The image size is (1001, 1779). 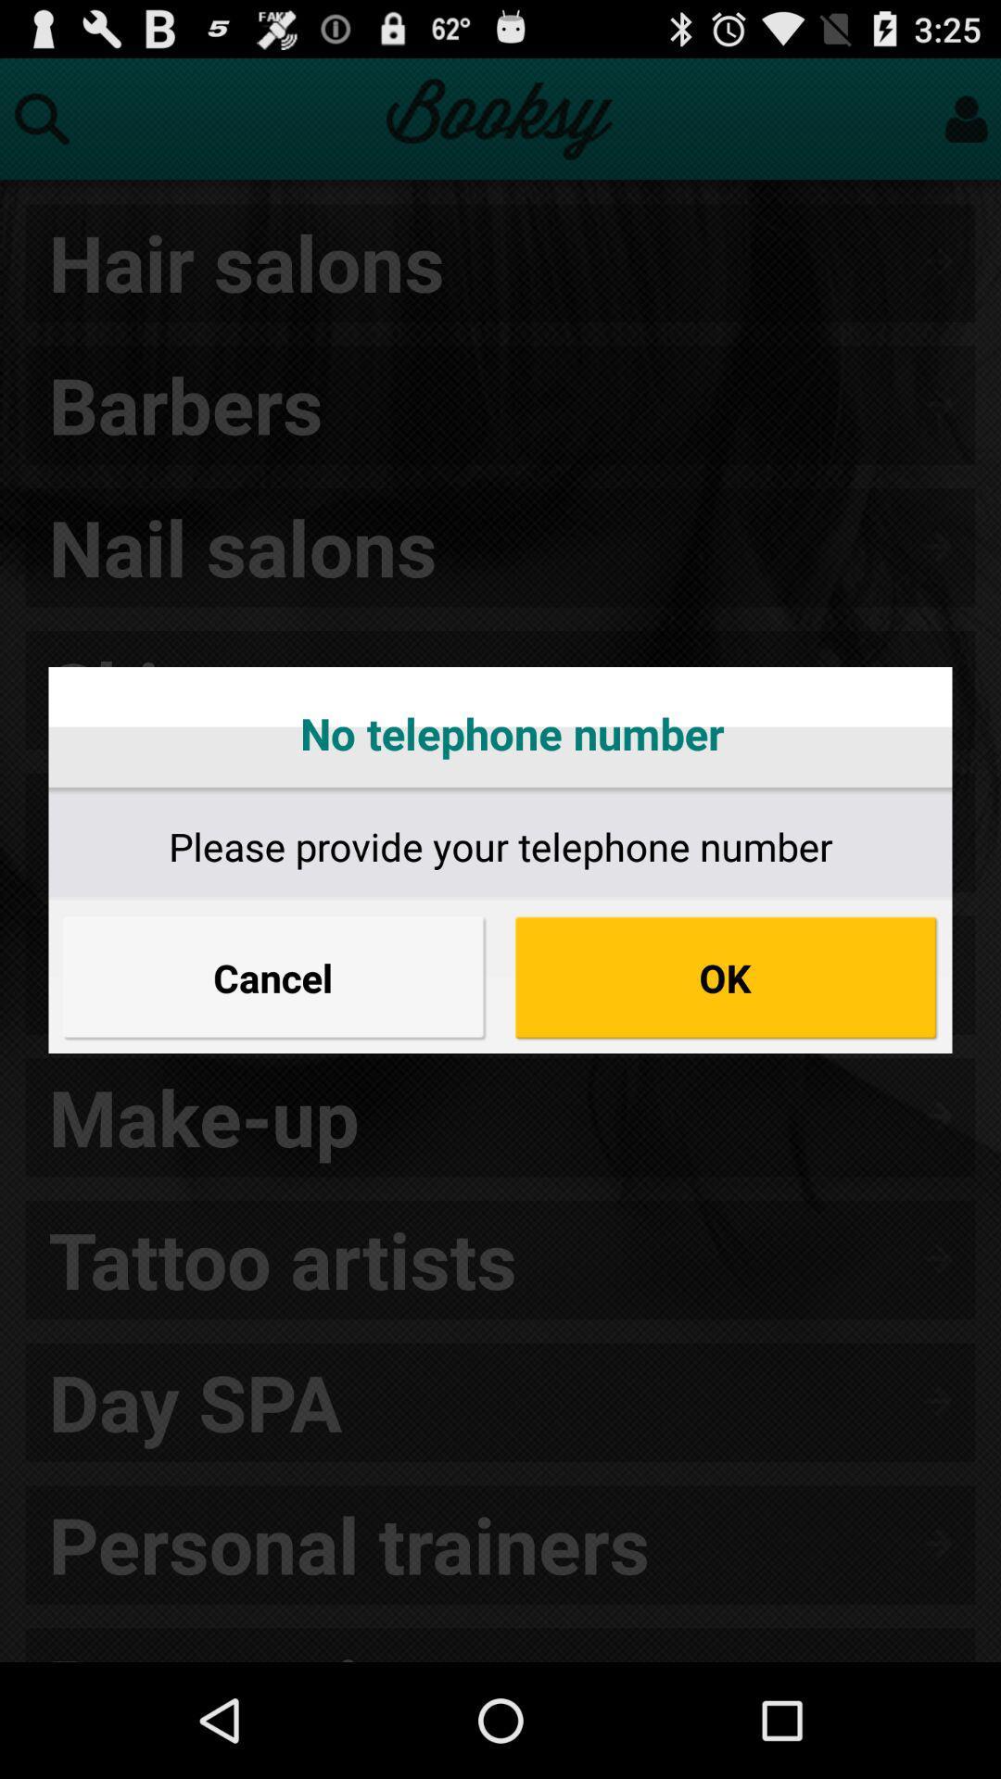 I want to click on button next to the cancel, so click(x=725, y=977).